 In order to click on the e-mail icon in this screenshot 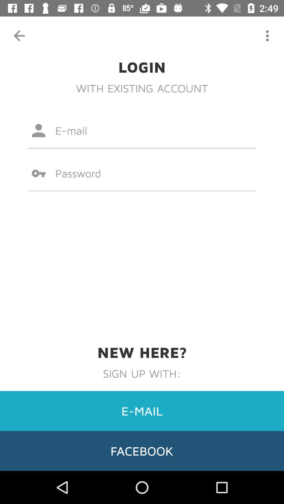, I will do `click(142, 411)`.